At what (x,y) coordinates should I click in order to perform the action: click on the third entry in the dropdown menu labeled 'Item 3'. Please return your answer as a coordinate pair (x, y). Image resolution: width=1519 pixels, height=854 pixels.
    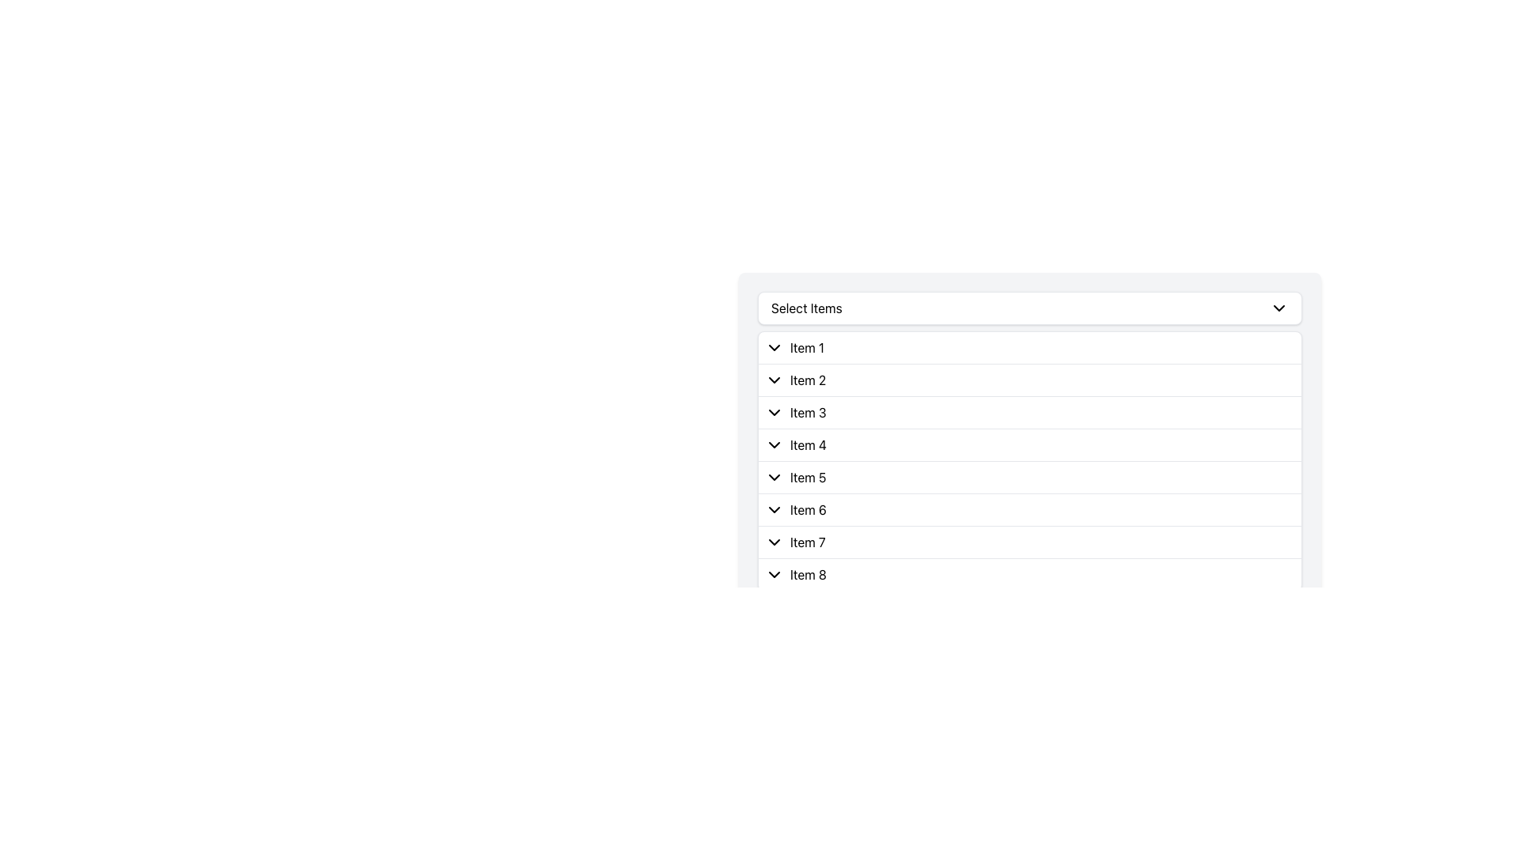
    Looking at the image, I should click on (1029, 410).